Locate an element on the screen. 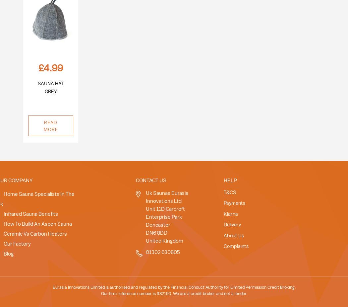  'United Kingdom' is located at coordinates (164, 241).